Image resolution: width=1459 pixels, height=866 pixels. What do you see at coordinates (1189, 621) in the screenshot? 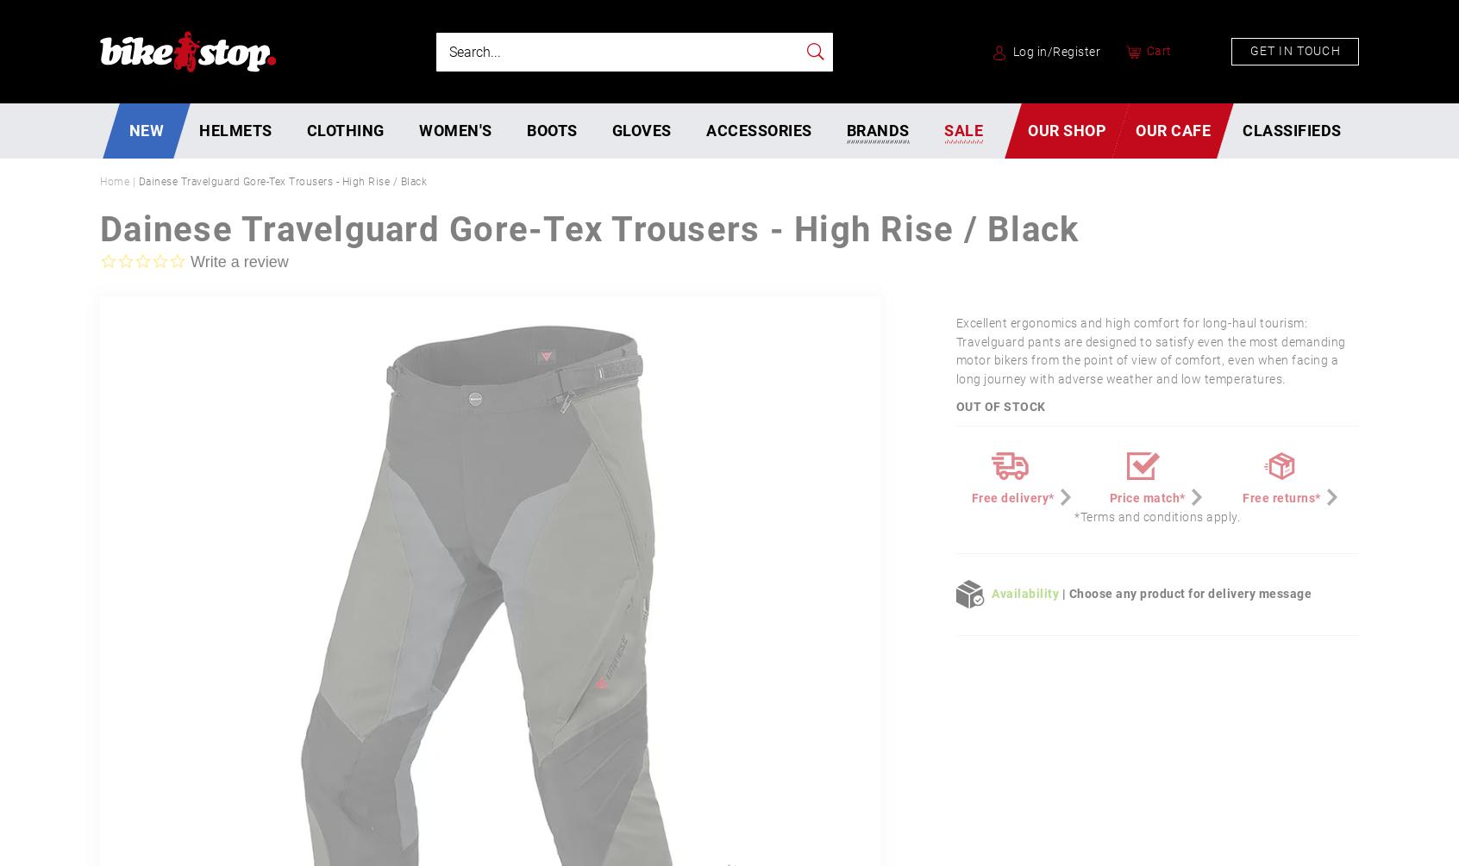
I see `'Choose any product for delivery message'` at bounding box center [1189, 621].